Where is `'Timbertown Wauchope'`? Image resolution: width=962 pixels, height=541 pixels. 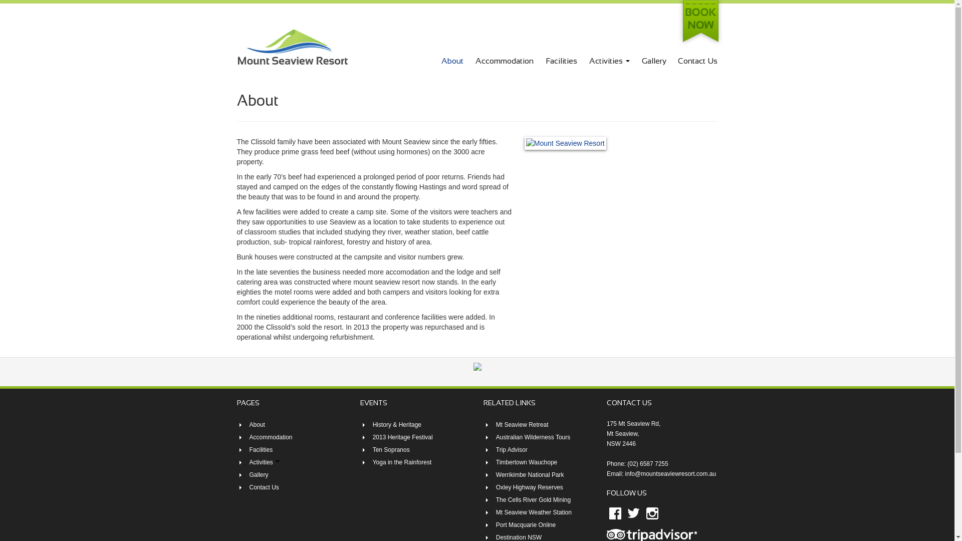
'Timbertown Wauchope' is located at coordinates (526, 462).